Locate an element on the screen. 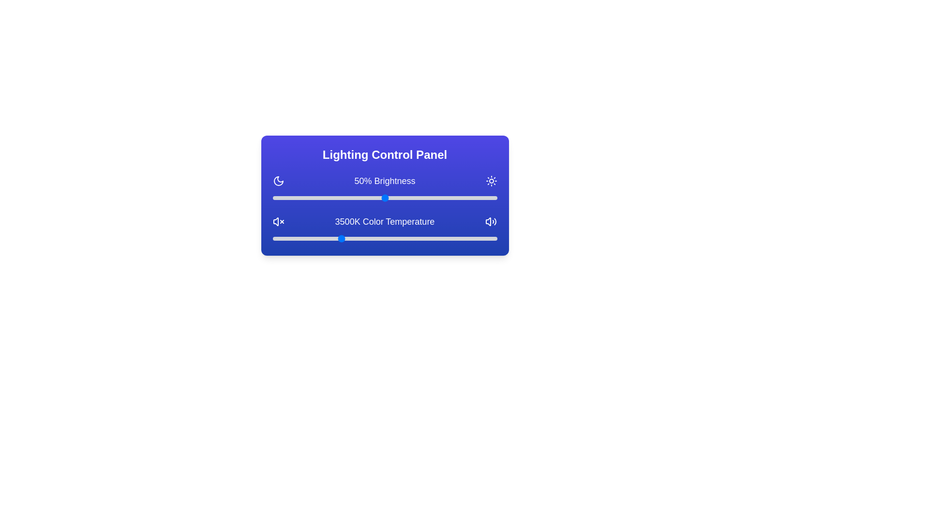 This screenshot has height=523, width=929. the brightness slider to 73% is located at coordinates (436, 197).